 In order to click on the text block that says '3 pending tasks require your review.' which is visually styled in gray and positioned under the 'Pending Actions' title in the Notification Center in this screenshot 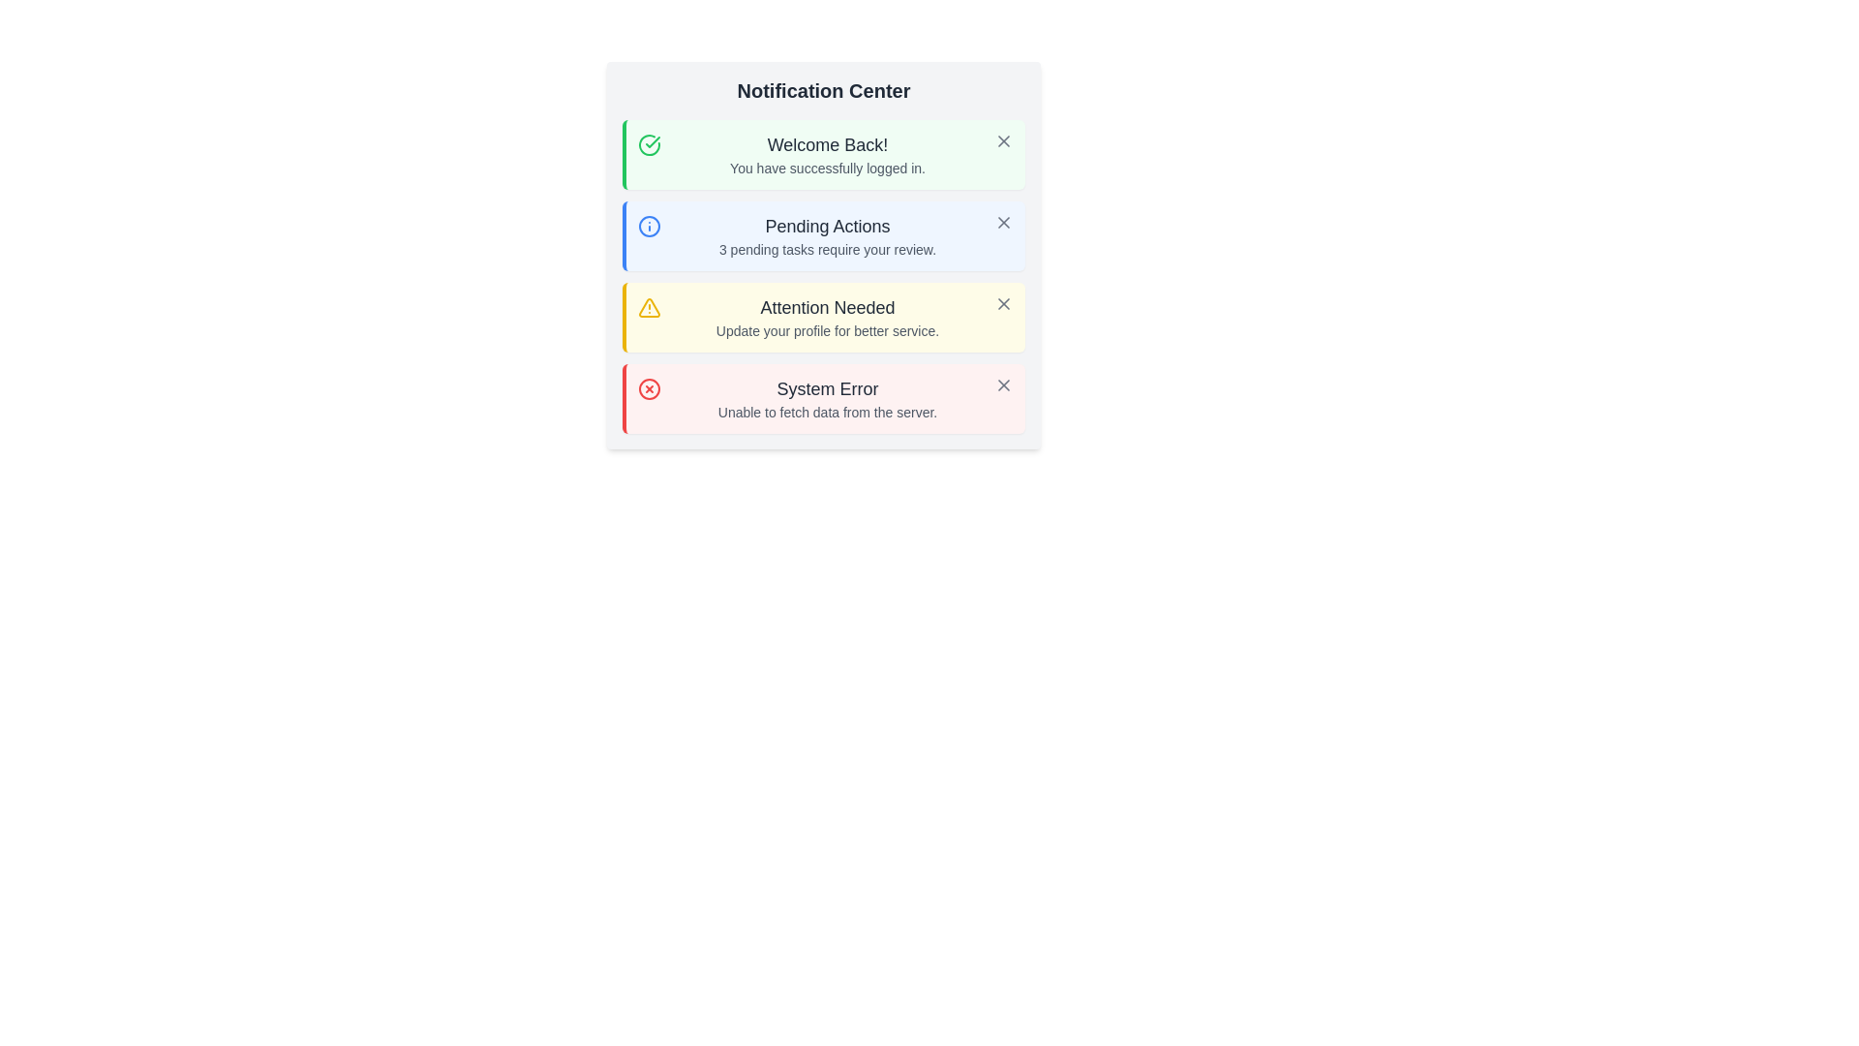, I will do `click(827, 249)`.